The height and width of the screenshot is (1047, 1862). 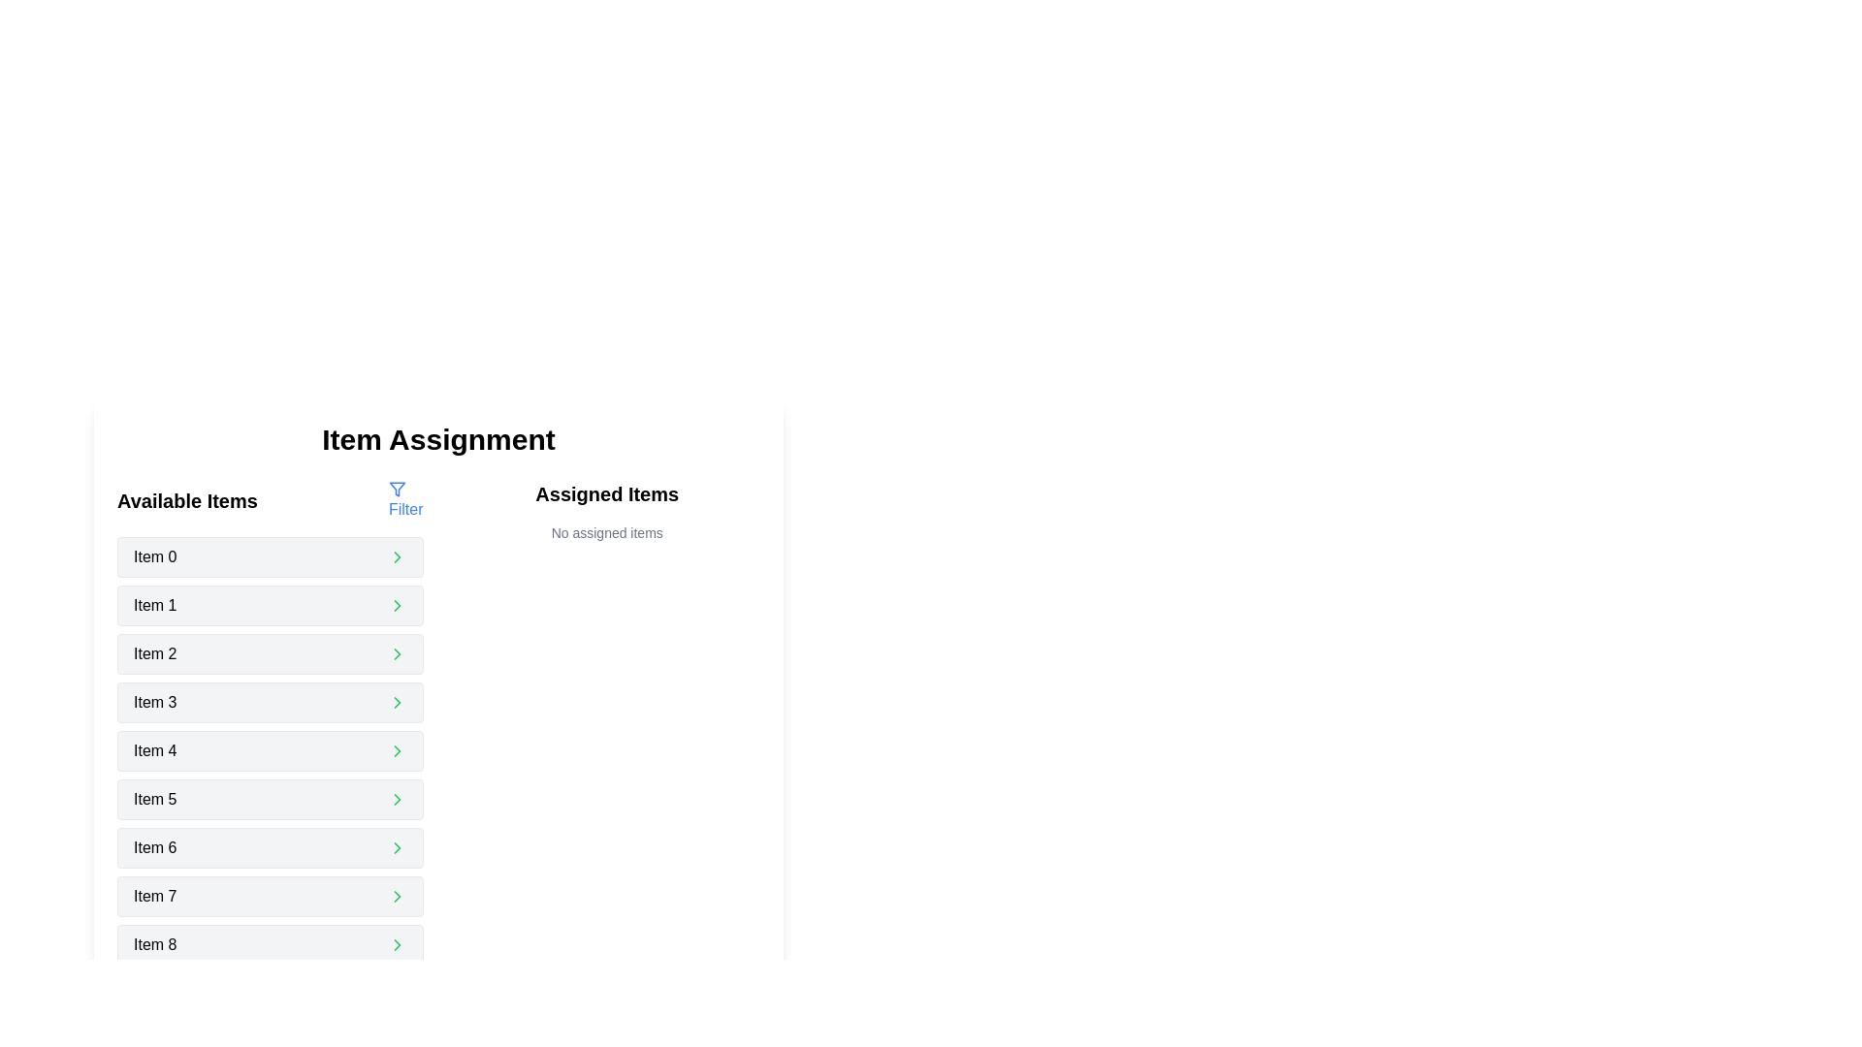 I want to click on the Arrow Button located at the rightmost area of the 'Item 4' row in the 'Available Items' list, so click(x=396, y=750).